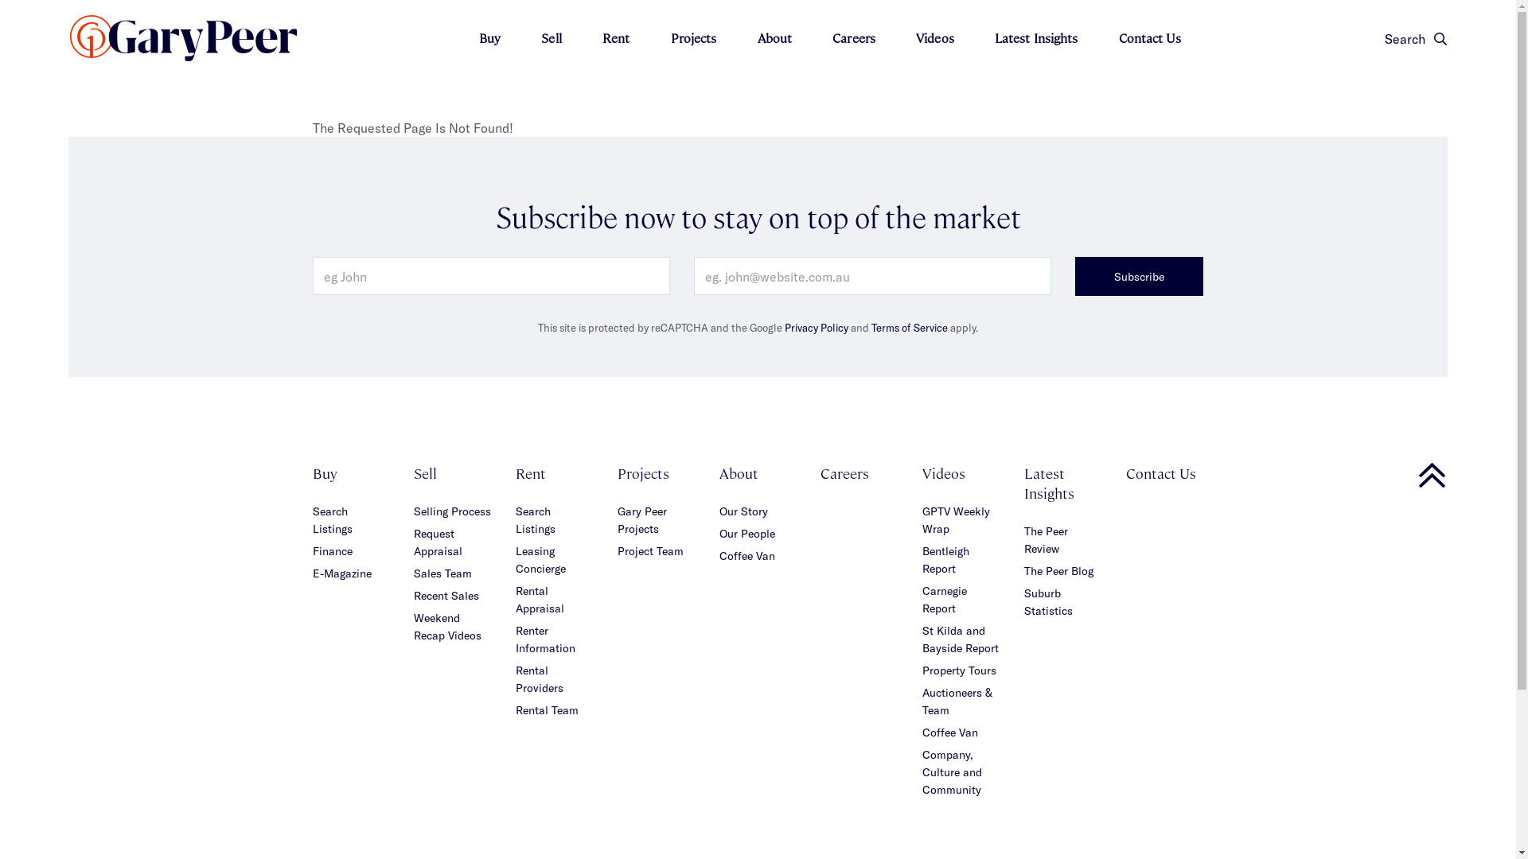 This screenshot has height=859, width=1528. Describe the element at coordinates (944, 599) in the screenshot. I see `'Carnegie Report'` at that location.